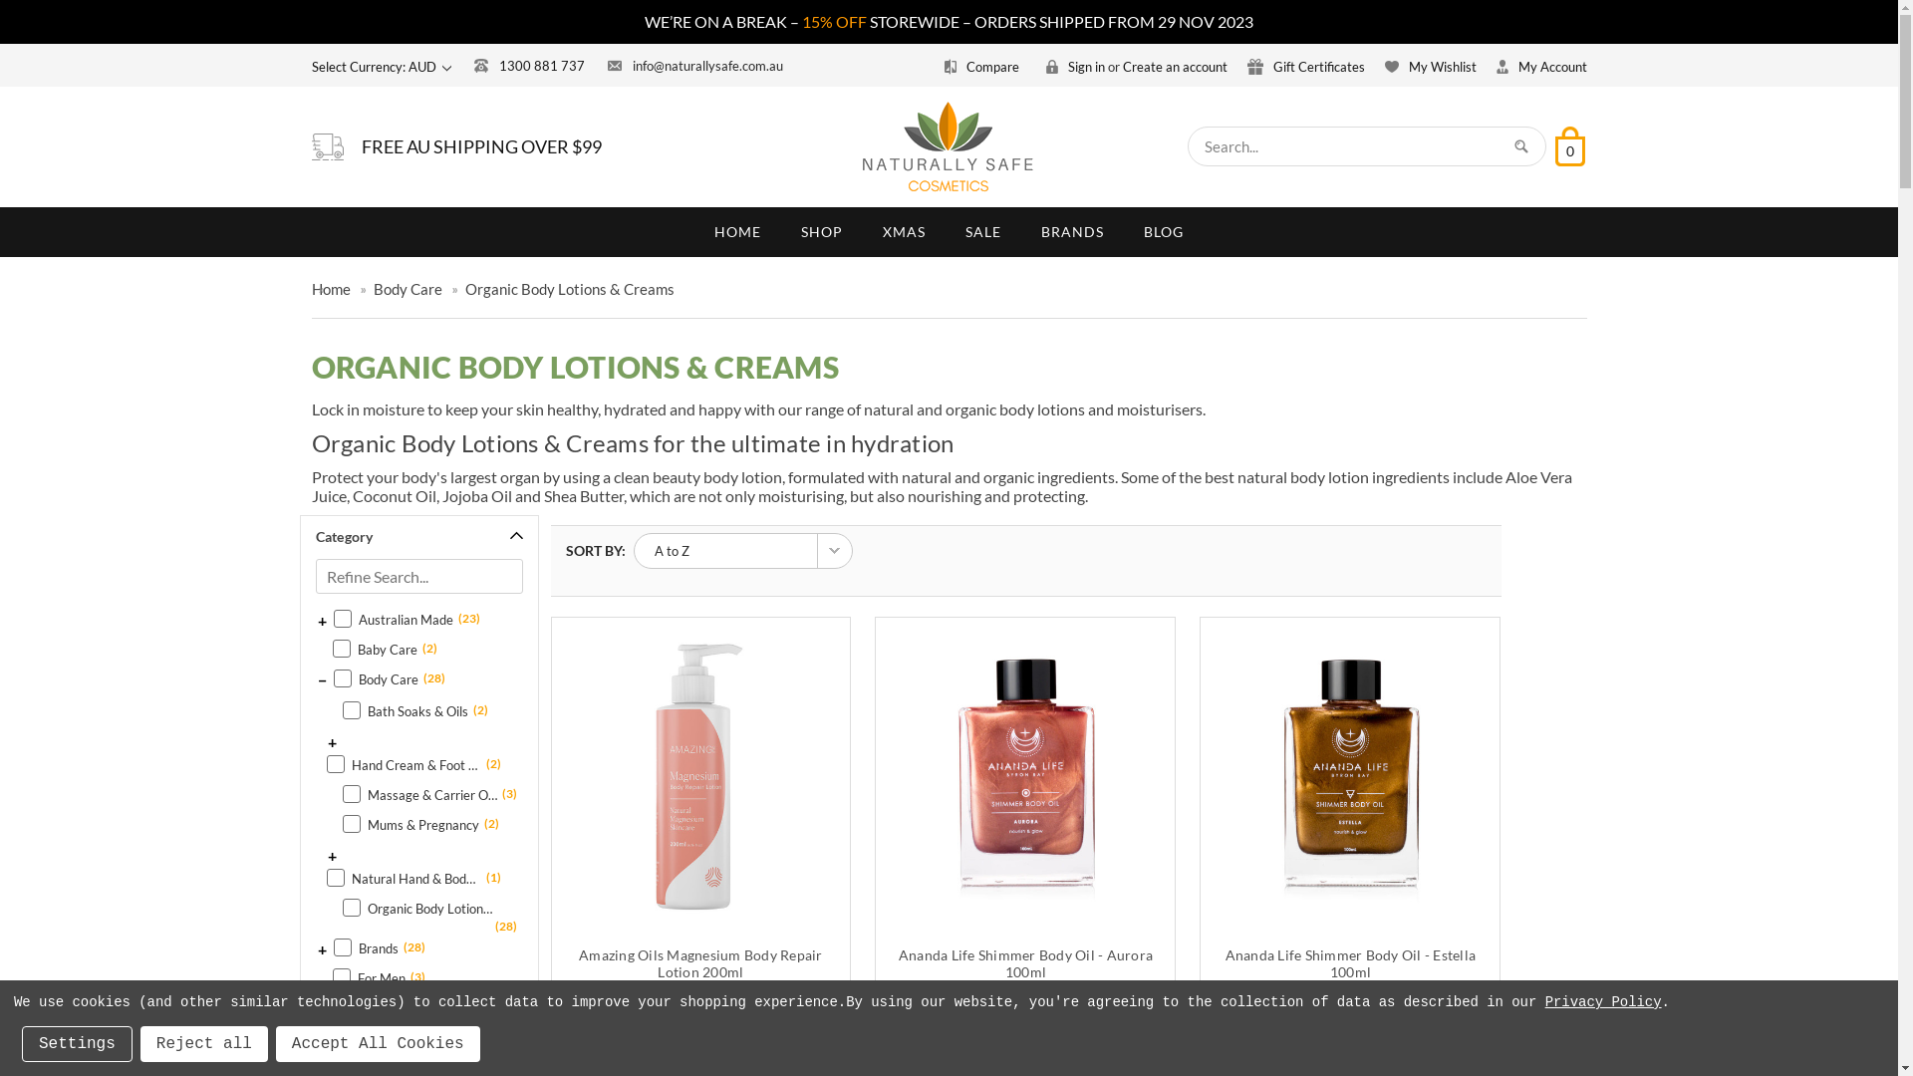 The width and height of the screenshot is (1913, 1076). Describe the element at coordinates (701, 775) in the screenshot. I see `'Amazing Oils Magnesium Body Repair Lotion 200ml'` at that location.